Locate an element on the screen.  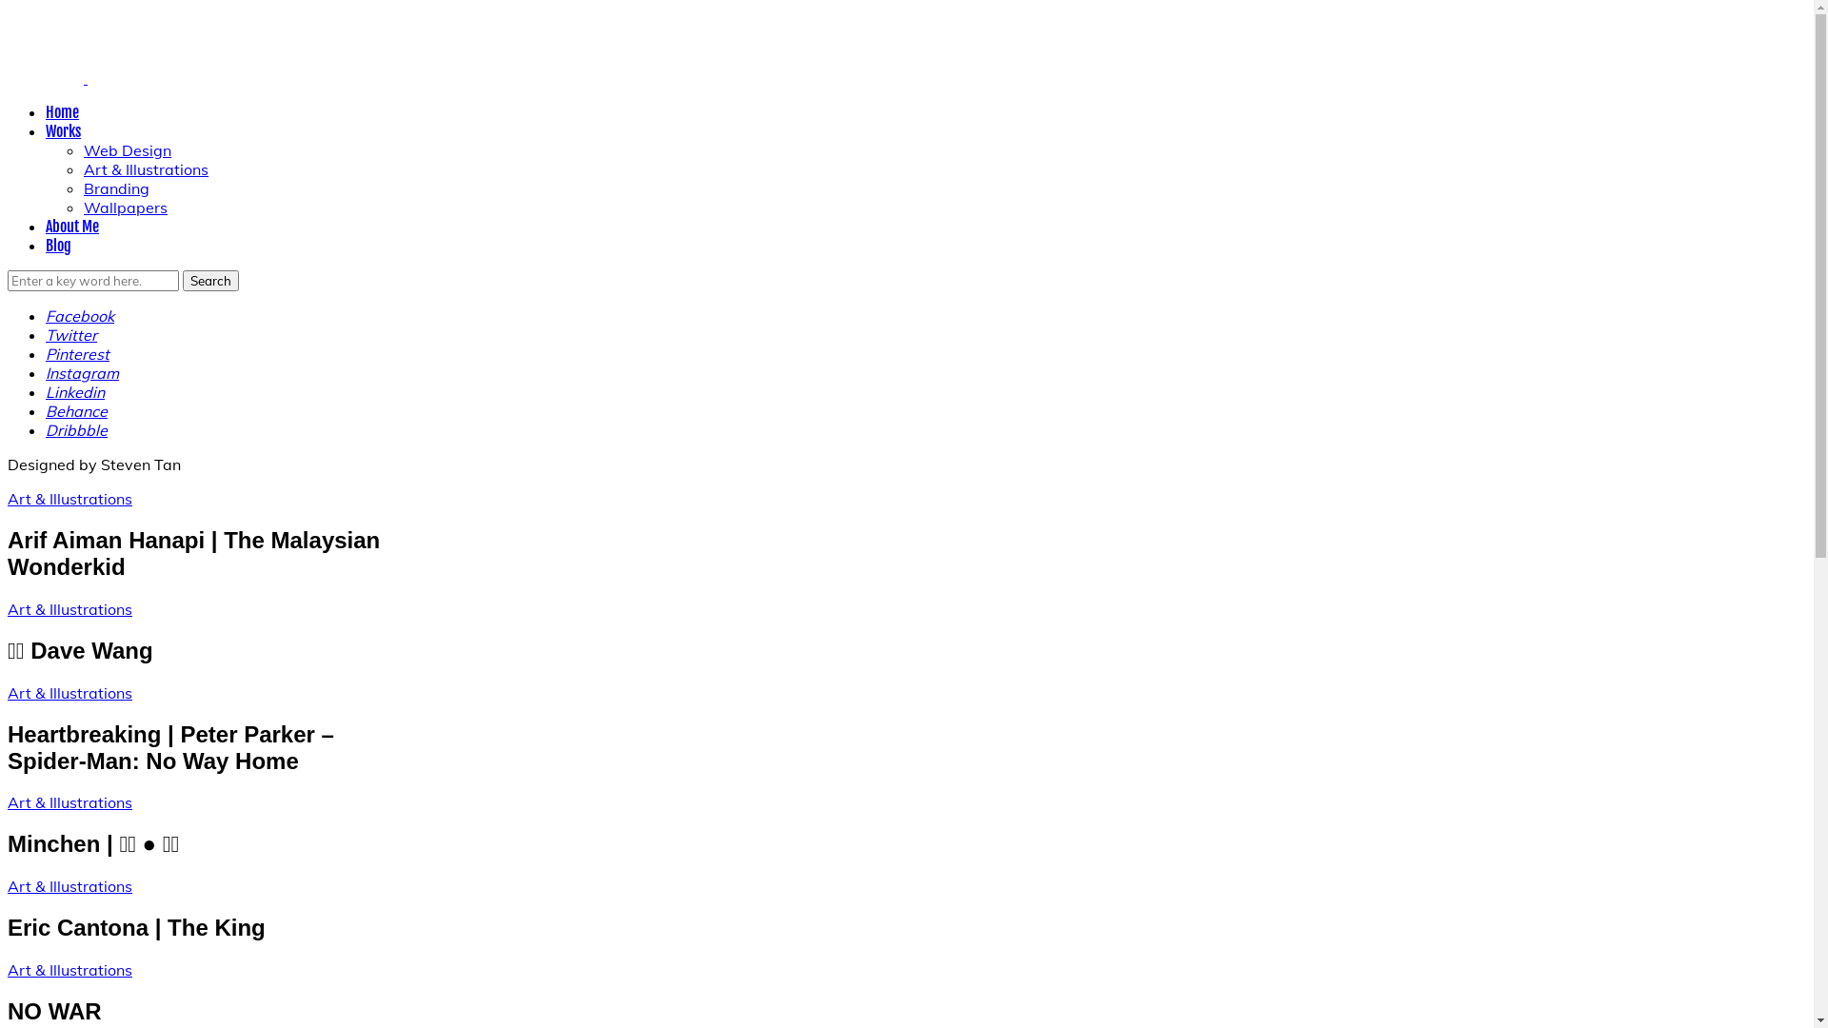
'About Me' is located at coordinates (72, 226).